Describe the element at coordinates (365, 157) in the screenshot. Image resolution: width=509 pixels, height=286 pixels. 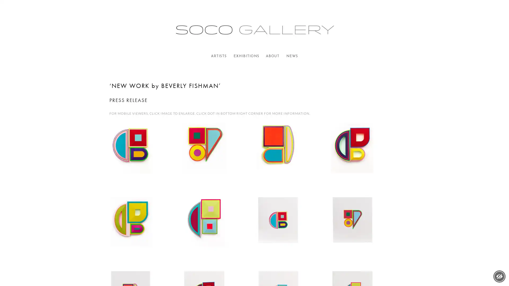
I see `View fullsize BEVERLY FISHMAN Untitled (Pain, Opioid Addiction, Anxiety), 2021 Urethane paint on wood 42.88 x 44 inches INQUIRE +` at that location.